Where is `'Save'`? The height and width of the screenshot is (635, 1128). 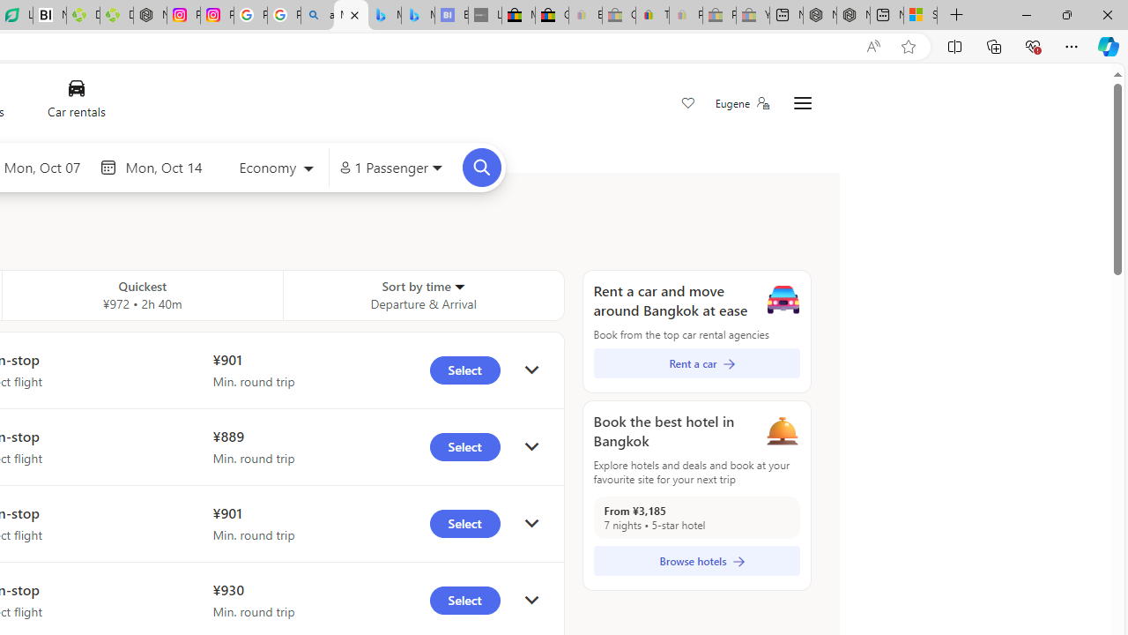
'Save' is located at coordinates (686, 104).